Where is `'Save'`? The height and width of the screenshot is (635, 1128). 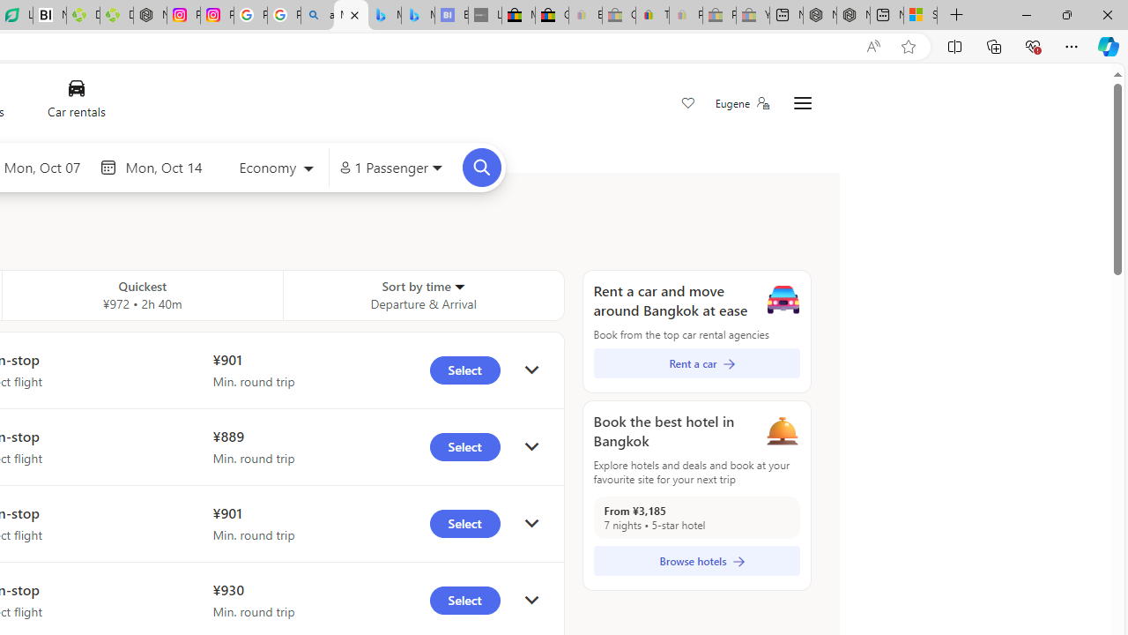
'Save' is located at coordinates (686, 104).